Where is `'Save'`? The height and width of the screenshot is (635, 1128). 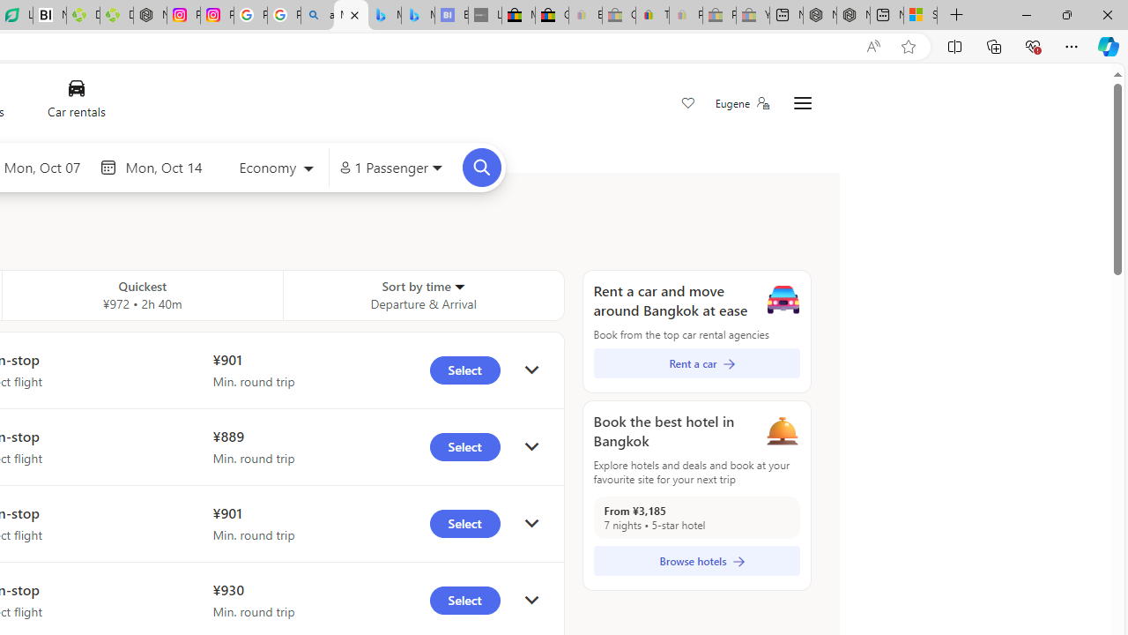
'Save' is located at coordinates (686, 104).